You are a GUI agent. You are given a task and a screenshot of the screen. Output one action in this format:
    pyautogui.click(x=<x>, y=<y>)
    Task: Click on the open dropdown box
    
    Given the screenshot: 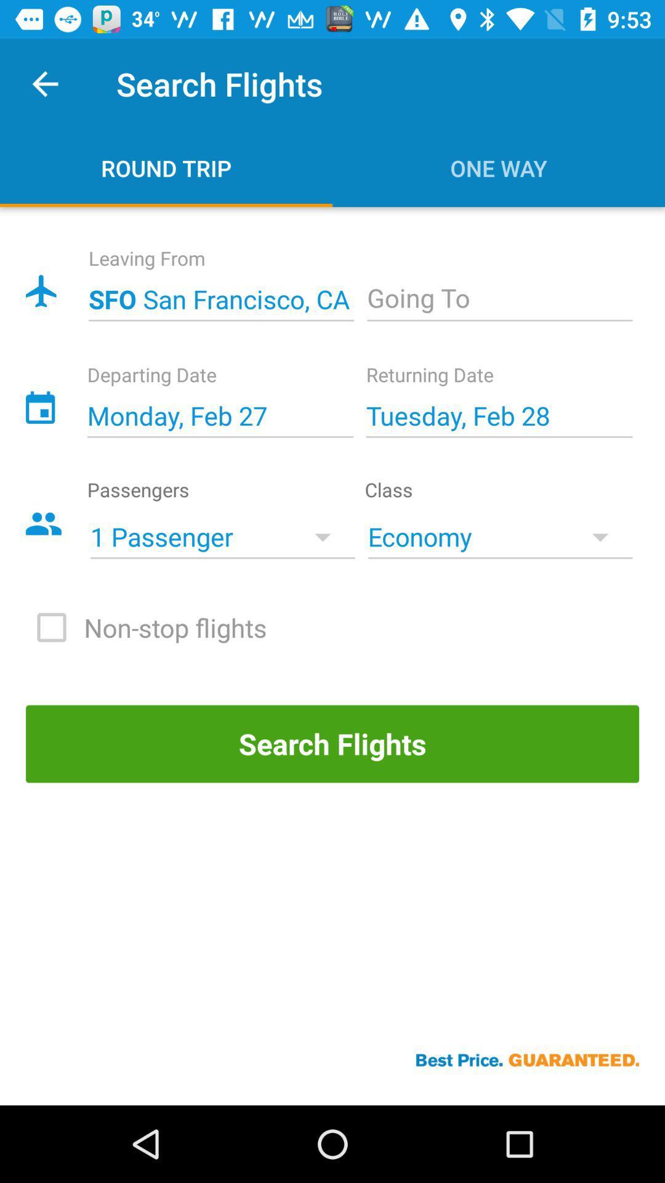 What is the action you would take?
    pyautogui.click(x=499, y=299)
    